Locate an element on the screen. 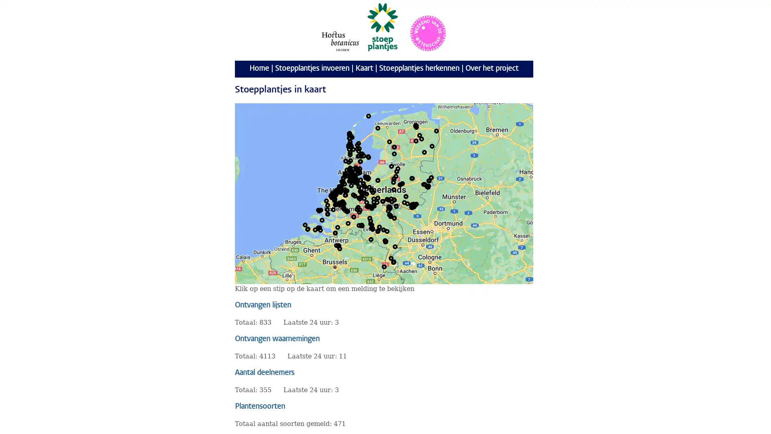 This screenshot has width=771, height=434. Telling van Sara Bes op 28 maart 2022 is located at coordinates (353, 176).